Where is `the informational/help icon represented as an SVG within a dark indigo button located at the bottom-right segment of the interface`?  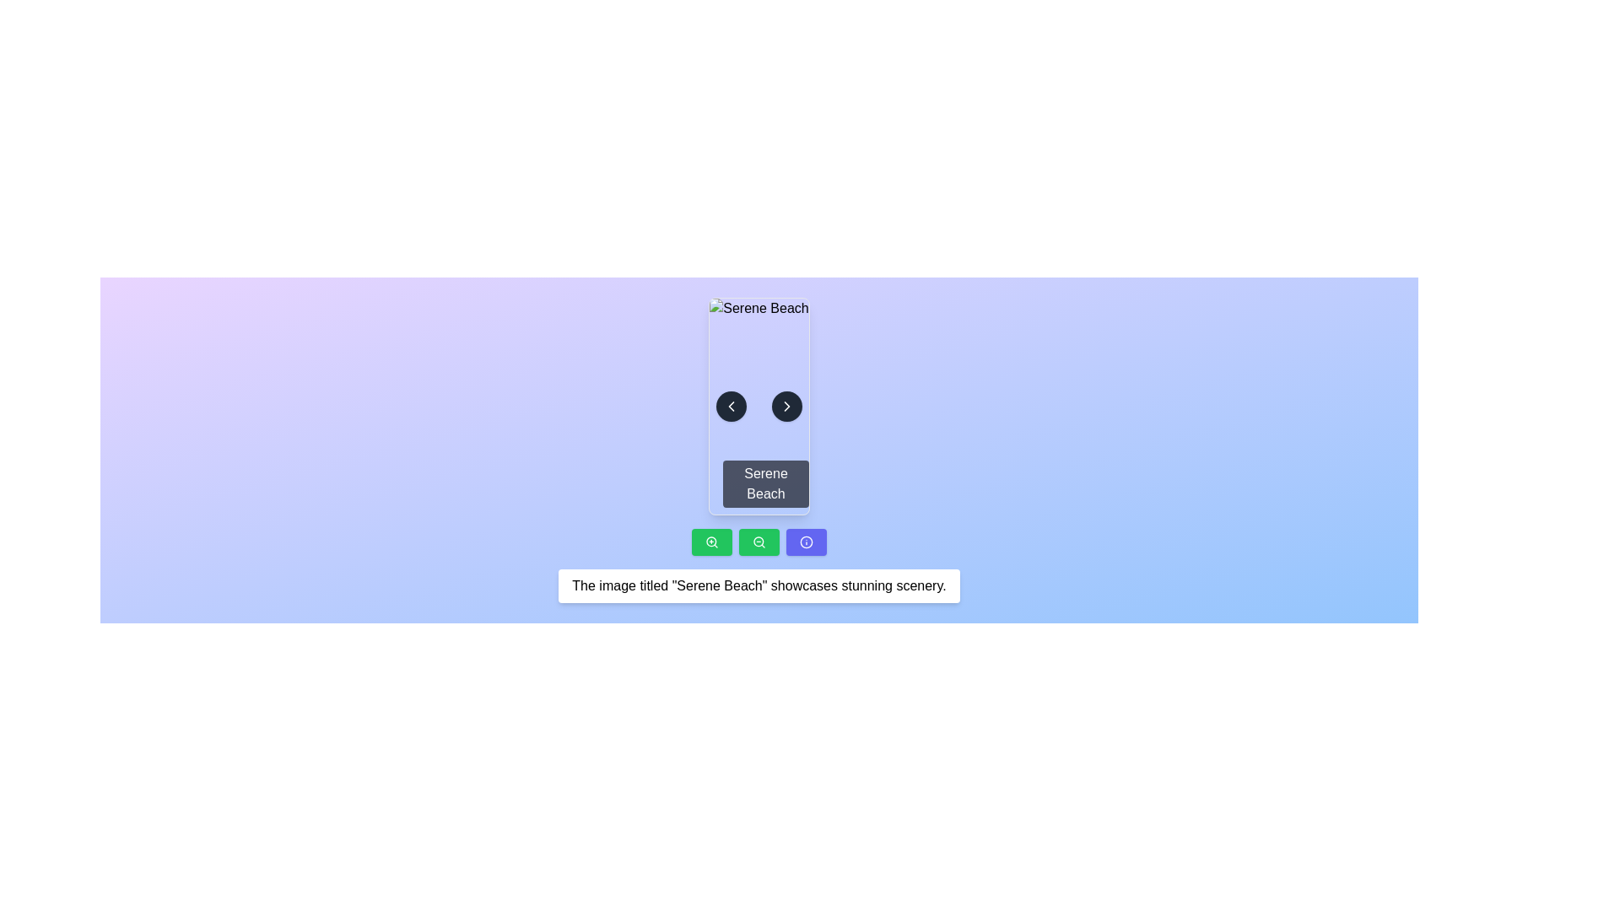
the informational/help icon represented as an SVG within a dark indigo button located at the bottom-right segment of the interface is located at coordinates (805, 542).